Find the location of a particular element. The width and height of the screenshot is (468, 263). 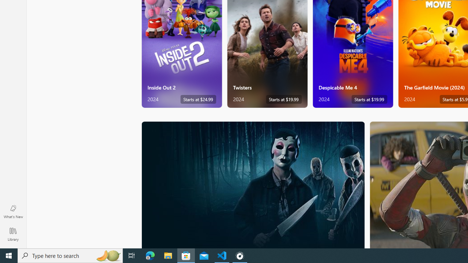

'Horror' is located at coordinates (253, 184).